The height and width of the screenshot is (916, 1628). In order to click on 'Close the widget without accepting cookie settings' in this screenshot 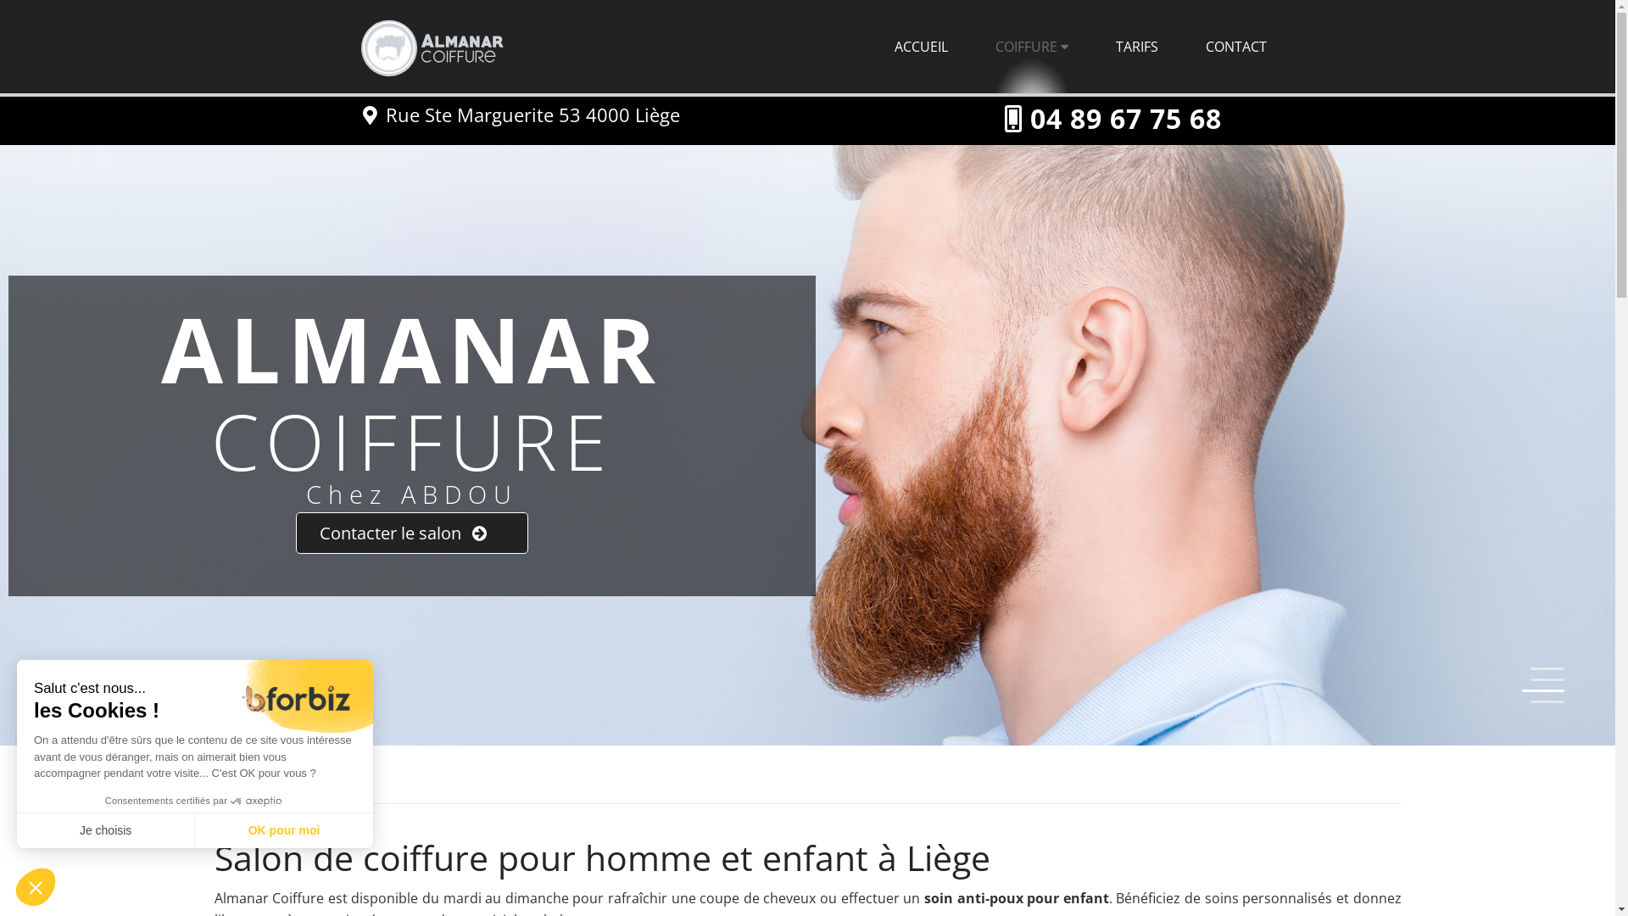, I will do `click(36, 885)`.